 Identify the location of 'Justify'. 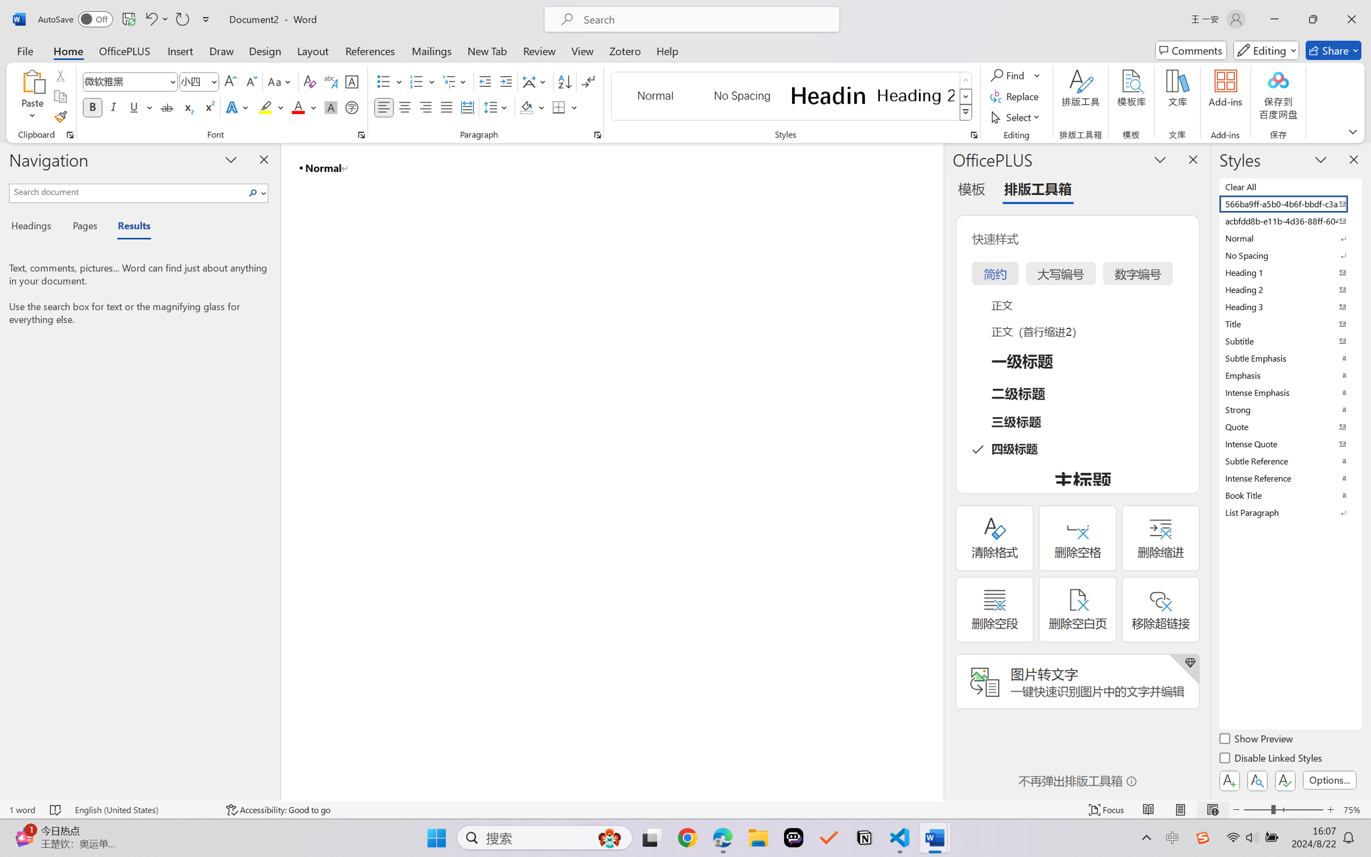
(446, 107).